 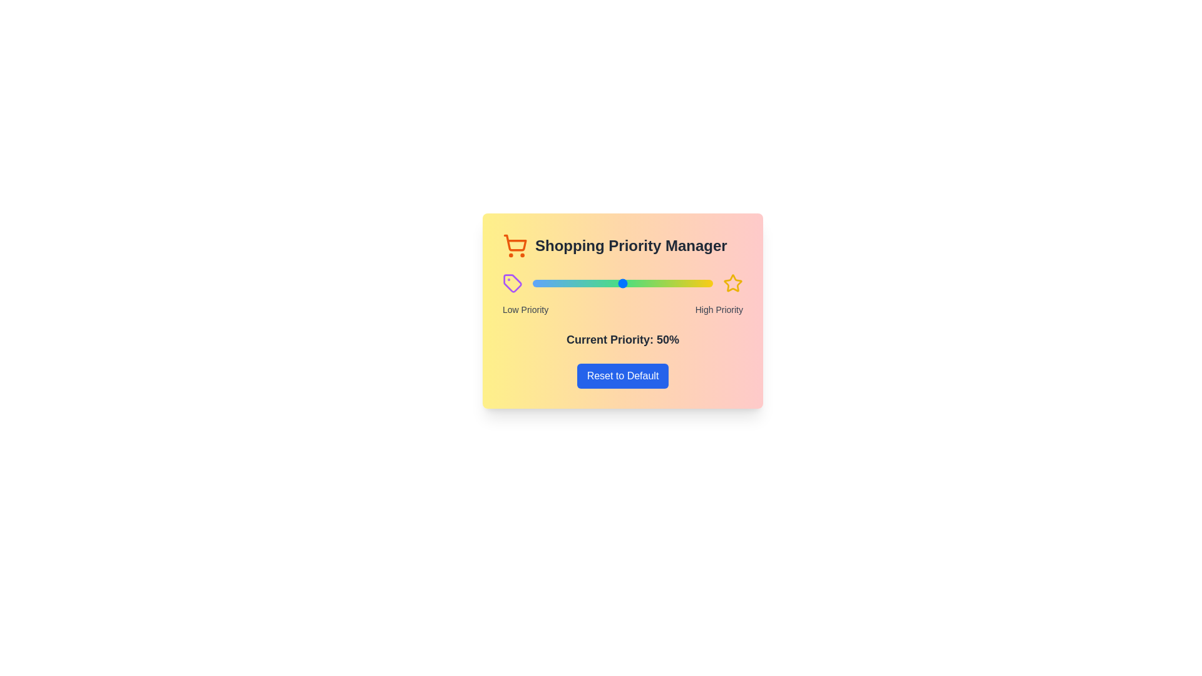 I want to click on the priority to 0% using the slider, so click(x=532, y=283).